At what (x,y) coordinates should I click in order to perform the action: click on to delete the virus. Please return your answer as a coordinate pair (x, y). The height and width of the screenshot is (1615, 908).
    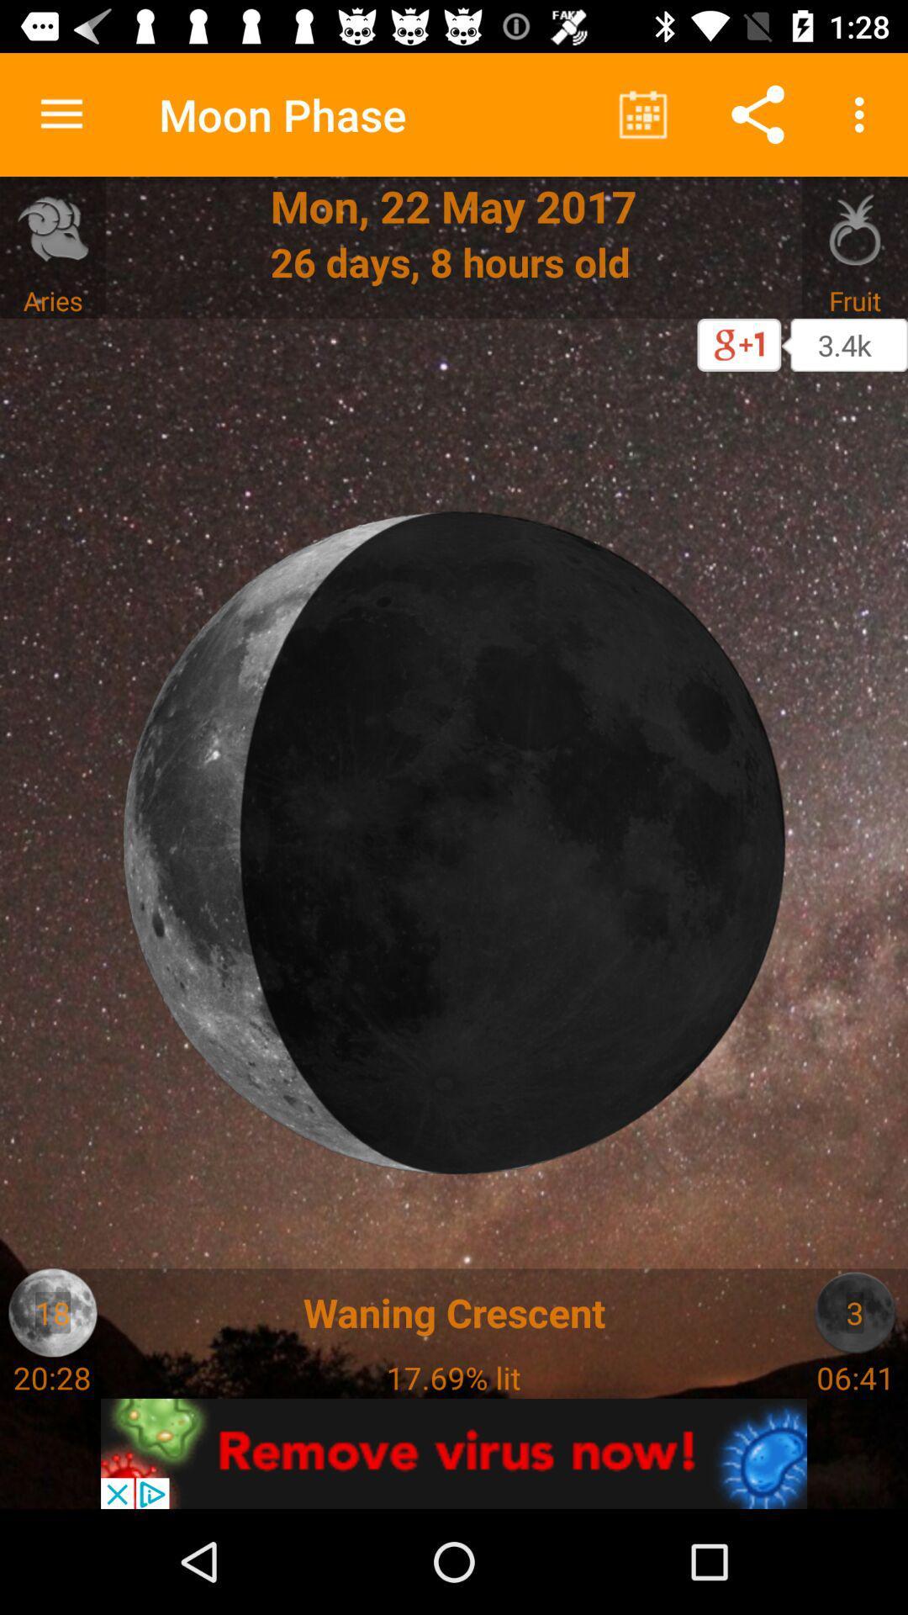
    Looking at the image, I should click on (454, 1453).